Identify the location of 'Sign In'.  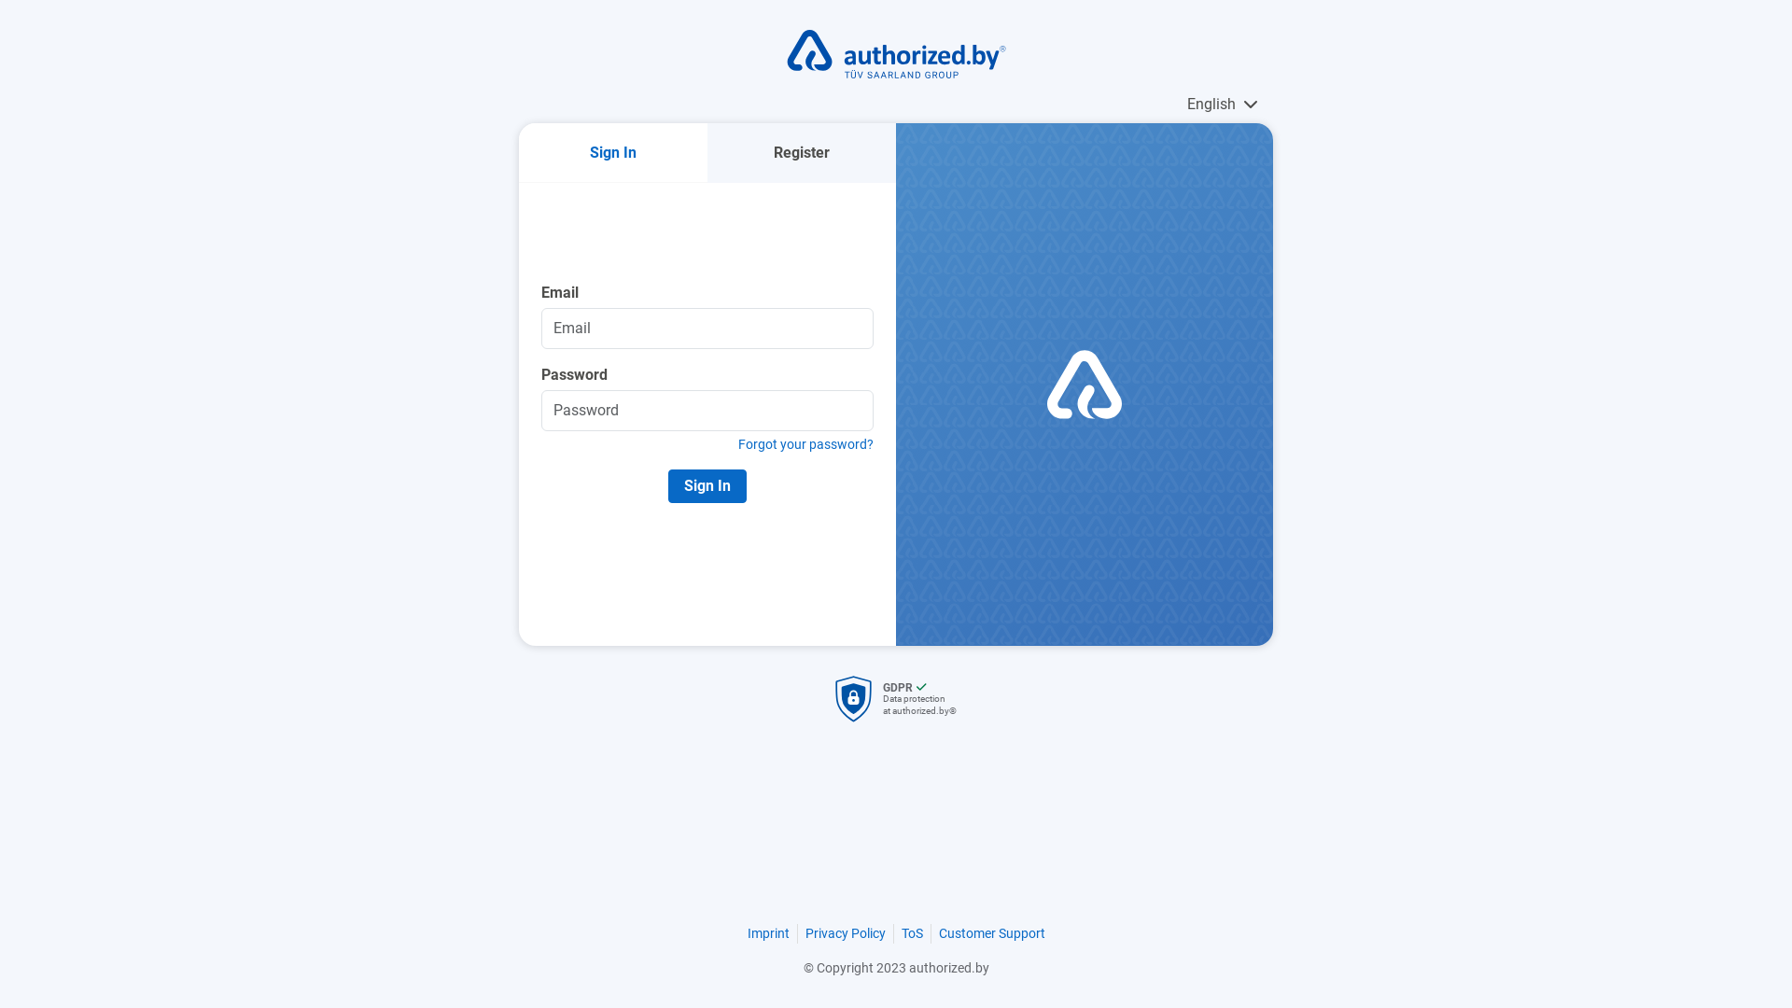
(613, 152).